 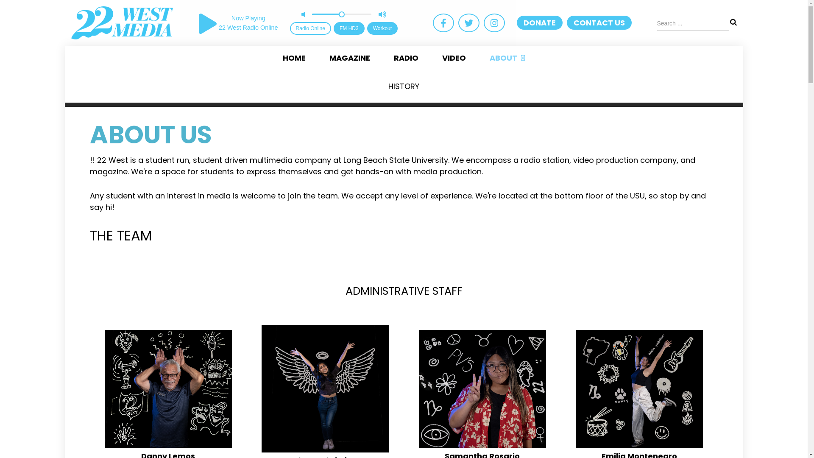 What do you see at coordinates (294, 58) in the screenshot?
I see `'HOME'` at bounding box center [294, 58].